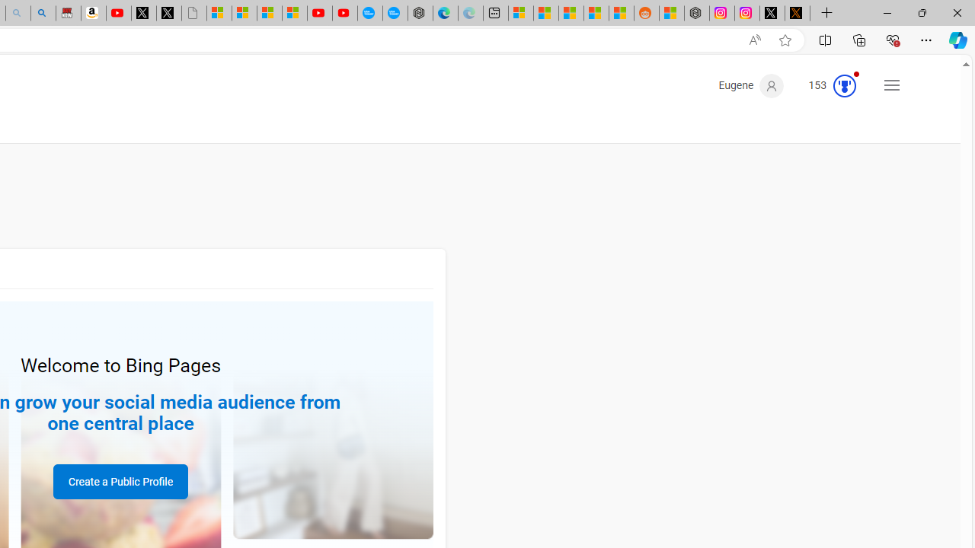 The width and height of the screenshot is (975, 548). Describe the element at coordinates (395, 13) in the screenshot. I see `'The most popular Google '` at that location.